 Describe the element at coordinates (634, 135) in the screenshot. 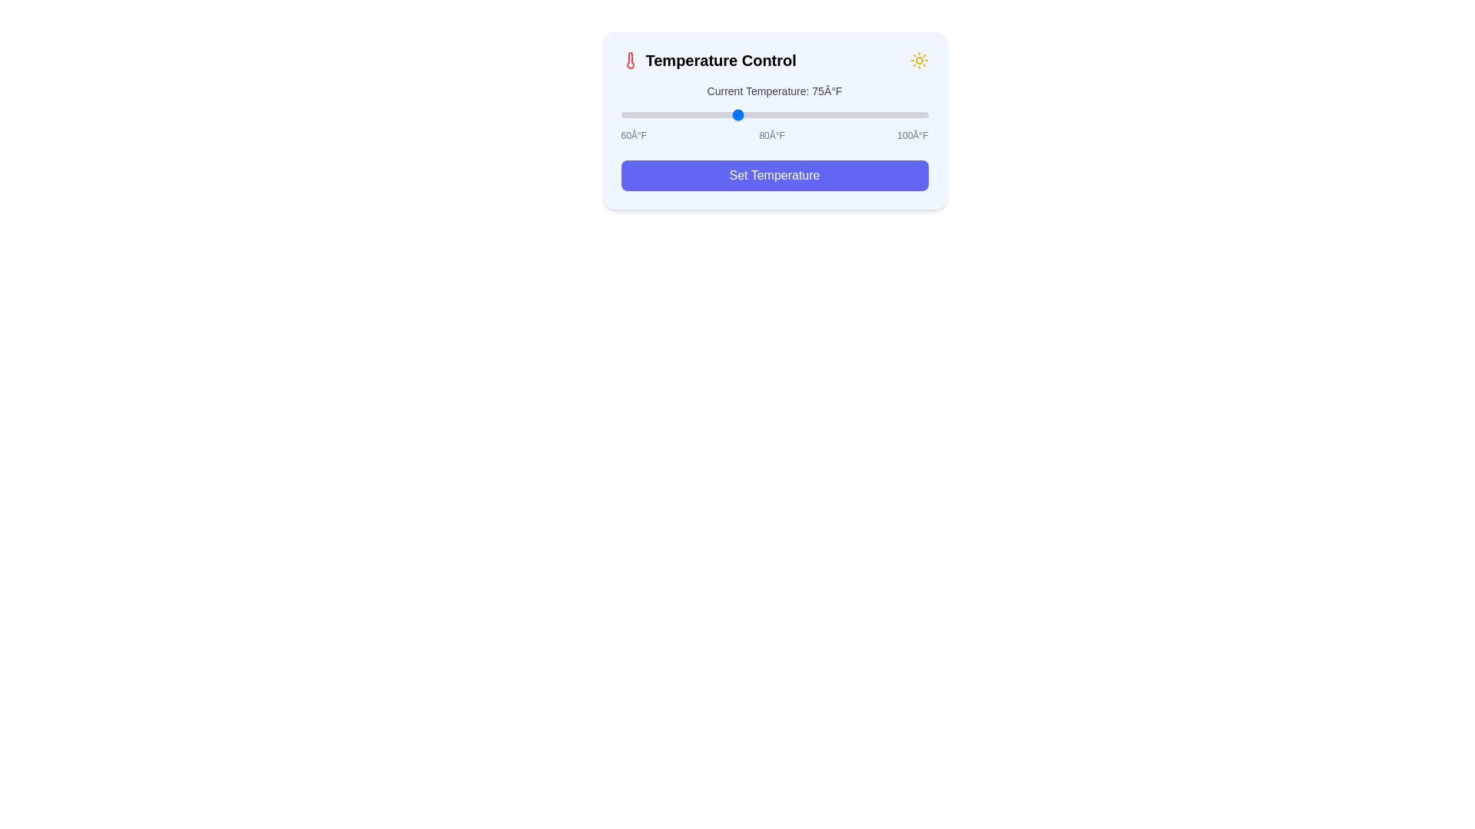

I see `the text label displaying '60°F', which is the first in a series of three temperature labels positioned horizontally and styled in muted gray` at that location.